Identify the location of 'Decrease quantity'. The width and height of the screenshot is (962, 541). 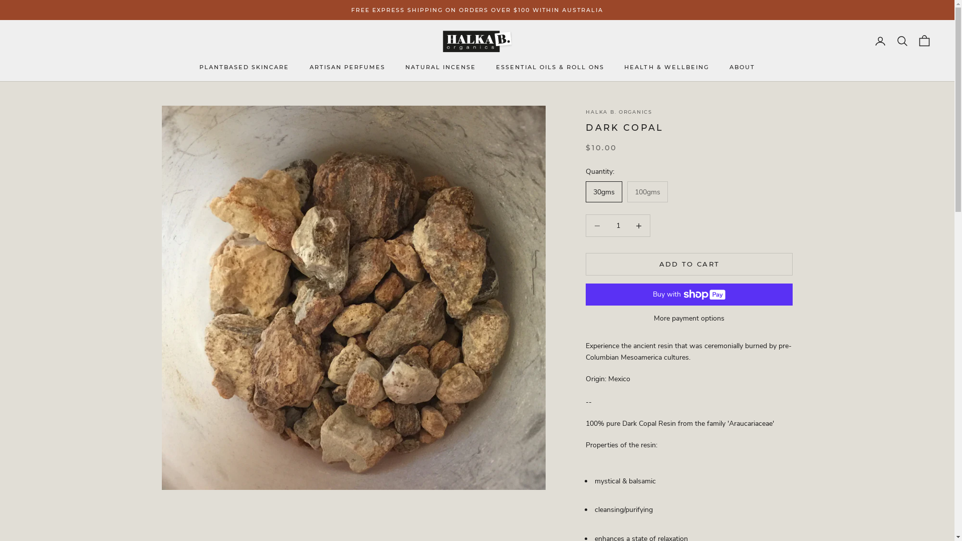
(627, 225).